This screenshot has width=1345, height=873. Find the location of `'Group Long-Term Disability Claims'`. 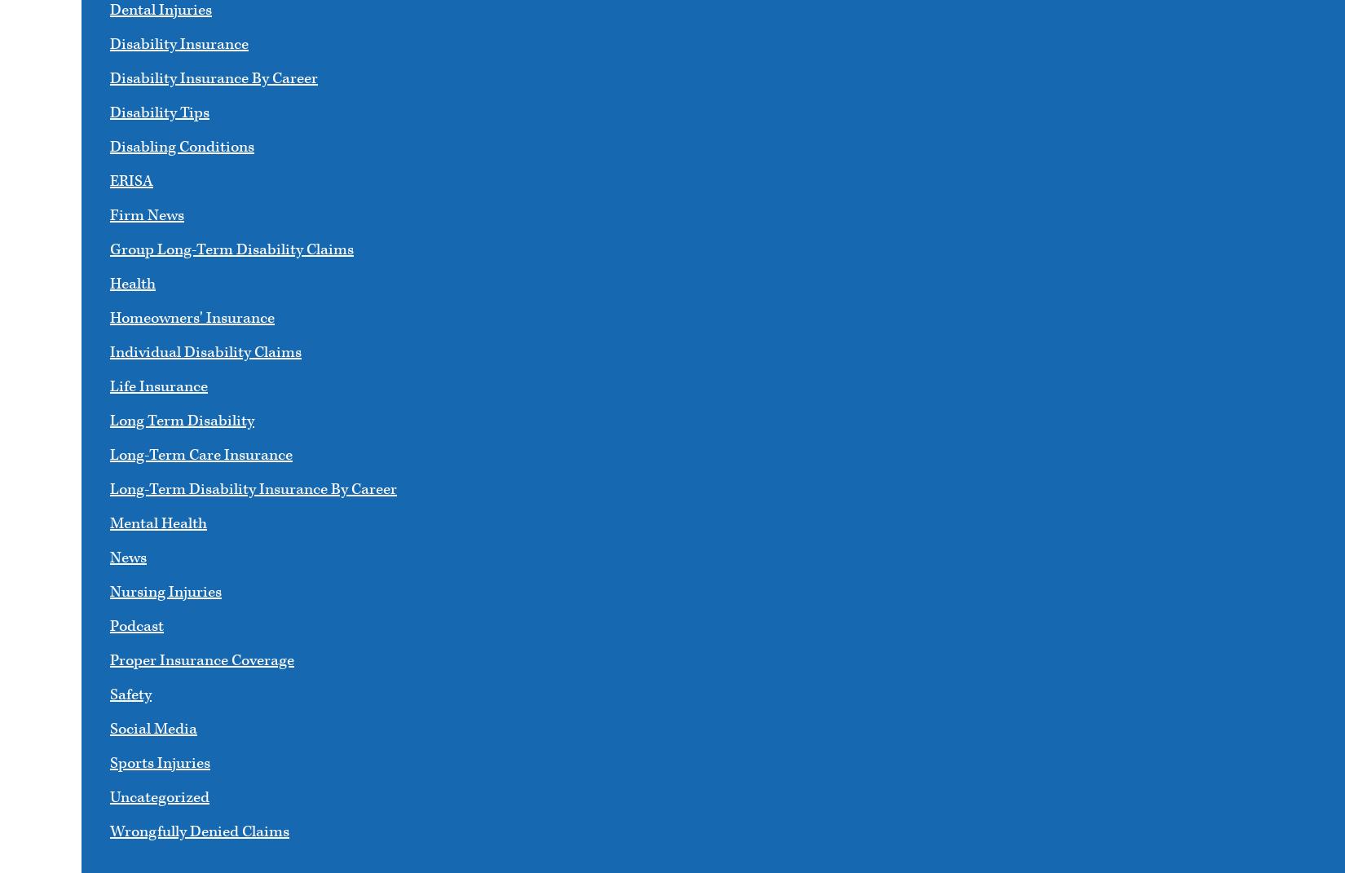

'Group Long-Term Disability Claims' is located at coordinates (232, 249).